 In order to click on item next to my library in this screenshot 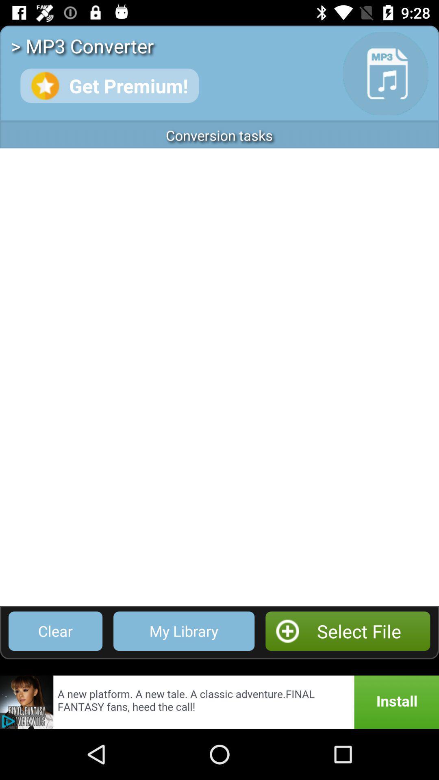, I will do `click(55, 630)`.